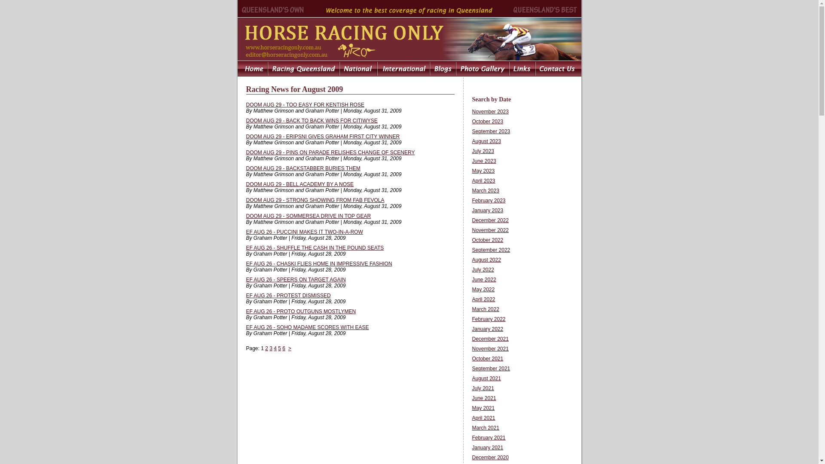 The width and height of the screenshot is (825, 464). What do you see at coordinates (485, 309) in the screenshot?
I see `'March 2022'` at bounding box center [485, 309].